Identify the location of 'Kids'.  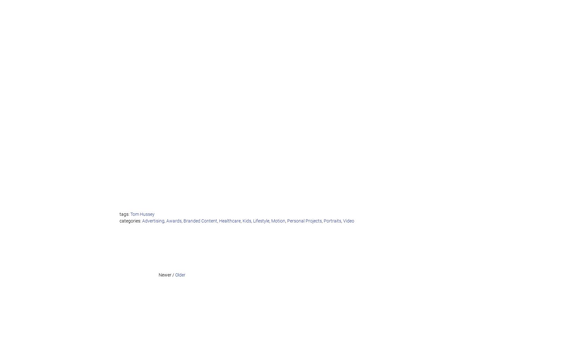
(247, 221).